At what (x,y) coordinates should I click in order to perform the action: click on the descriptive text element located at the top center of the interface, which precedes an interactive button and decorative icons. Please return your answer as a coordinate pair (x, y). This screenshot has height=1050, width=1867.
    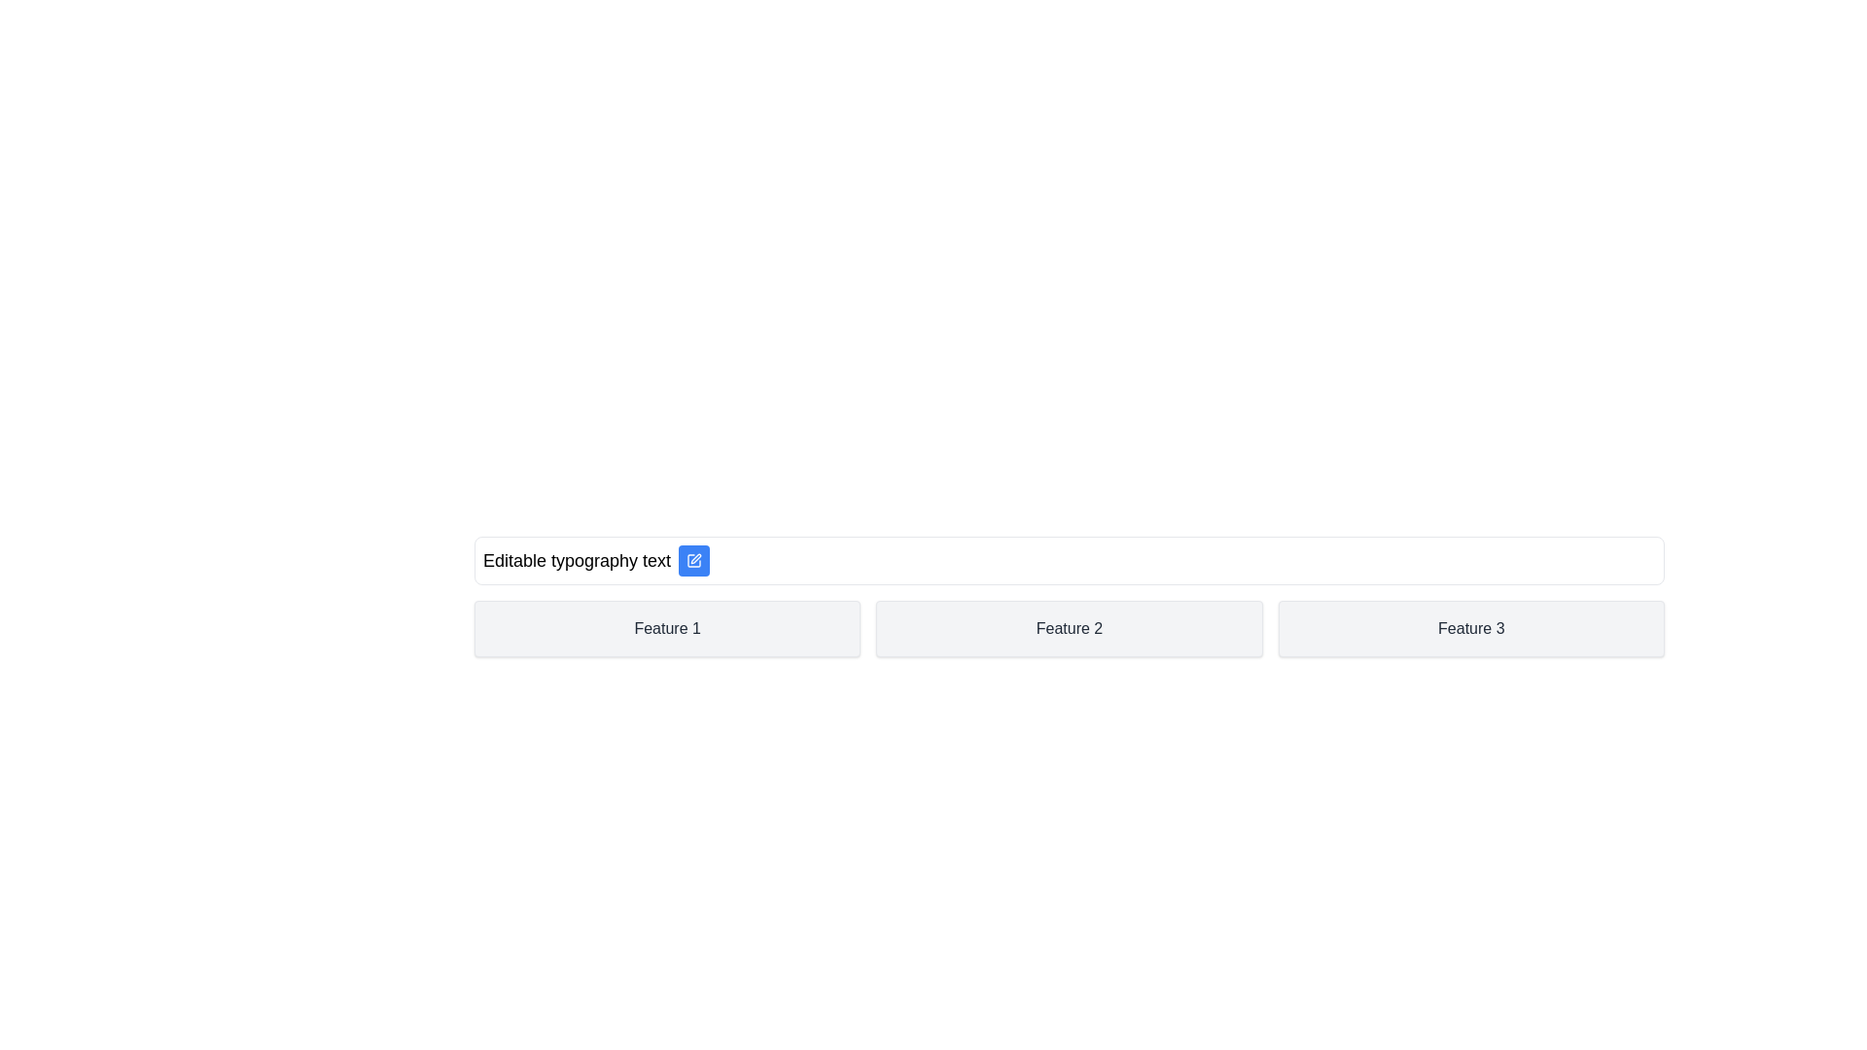
    Looking at the image, I should click on (576, 561).